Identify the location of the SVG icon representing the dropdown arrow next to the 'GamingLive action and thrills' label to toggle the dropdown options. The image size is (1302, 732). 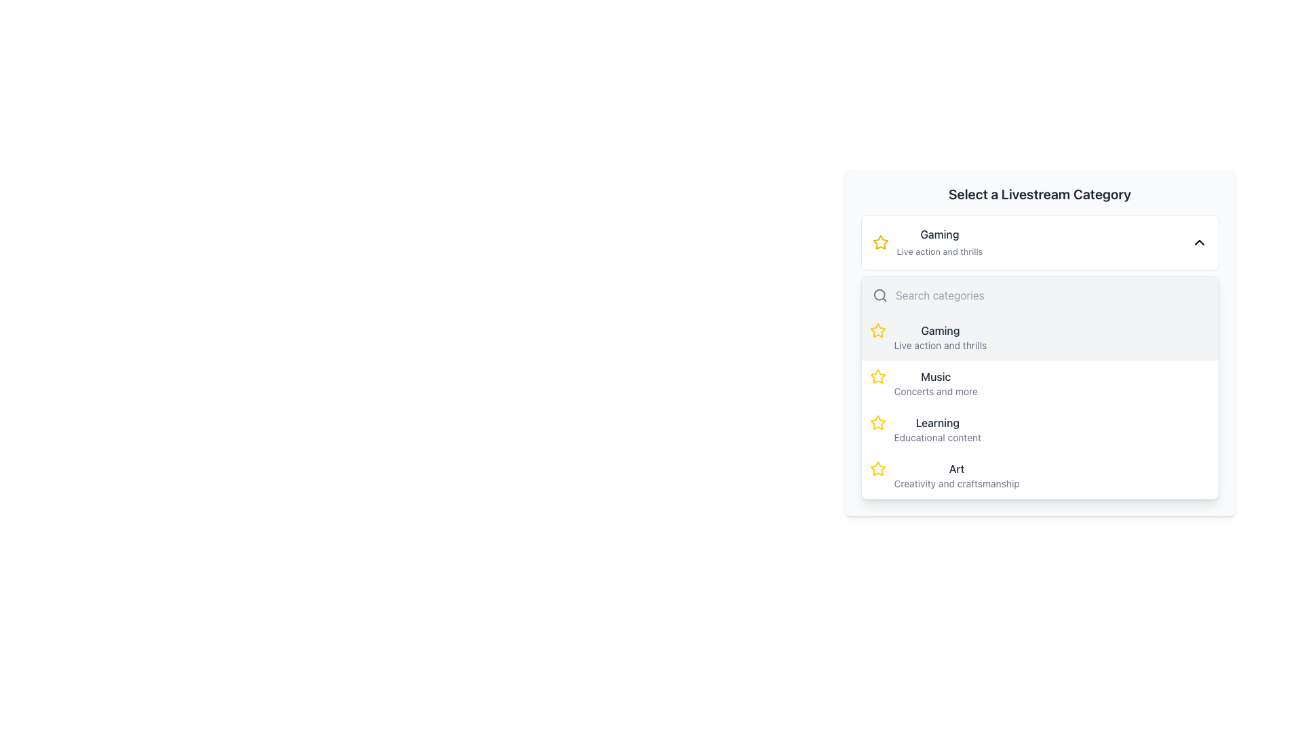
(1199, 242).